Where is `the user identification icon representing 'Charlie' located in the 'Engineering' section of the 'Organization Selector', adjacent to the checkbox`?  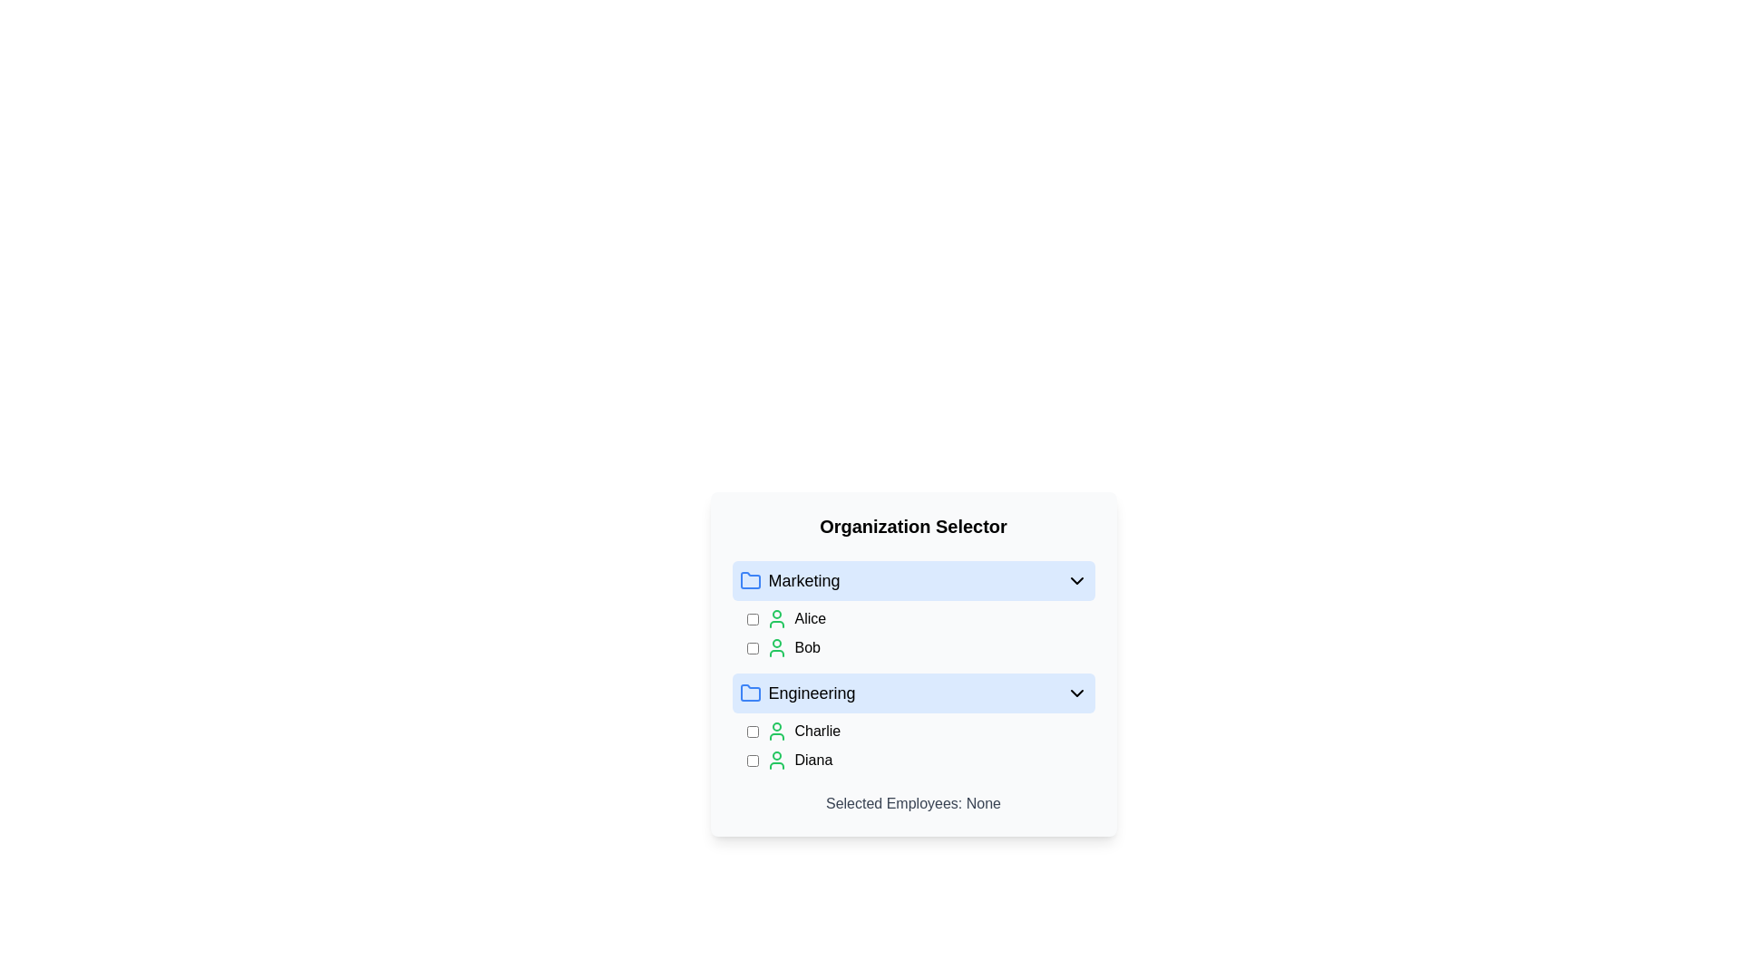
the user identification icon representing 'Charlie' located in the 'Engineering' section of the 'Organization Selector', adjacent to the checkbox is located at coordinates (776, 730).